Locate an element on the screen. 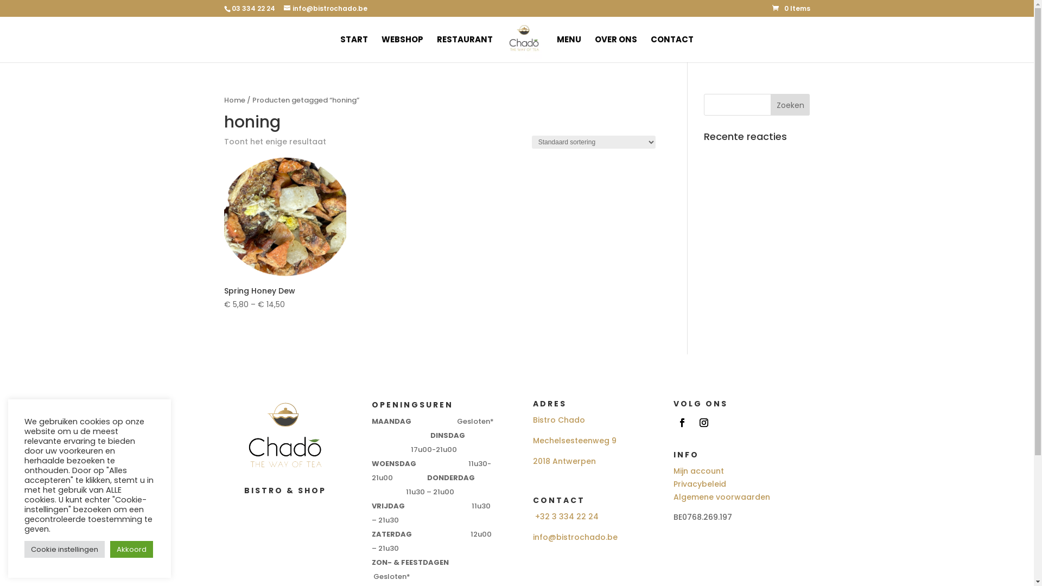  'Home' is located at coordinates (233, 100).